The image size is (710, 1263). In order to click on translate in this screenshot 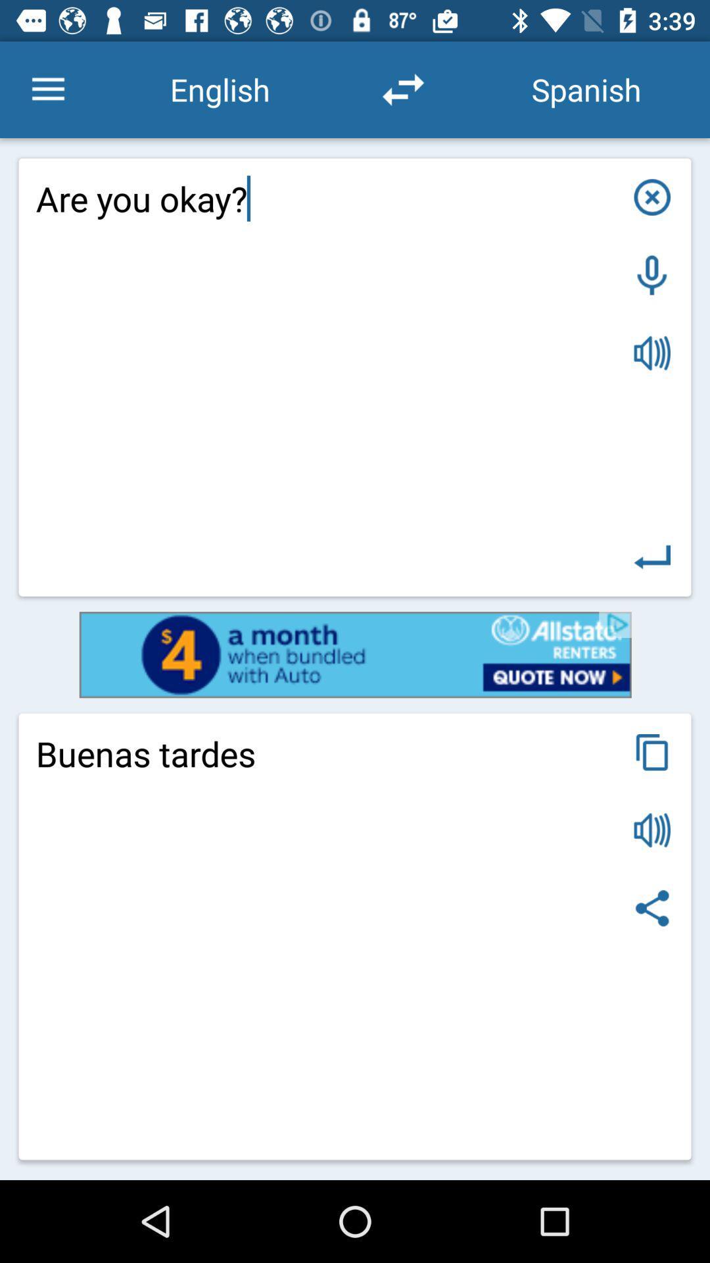, I will do `click(652, 557)`.